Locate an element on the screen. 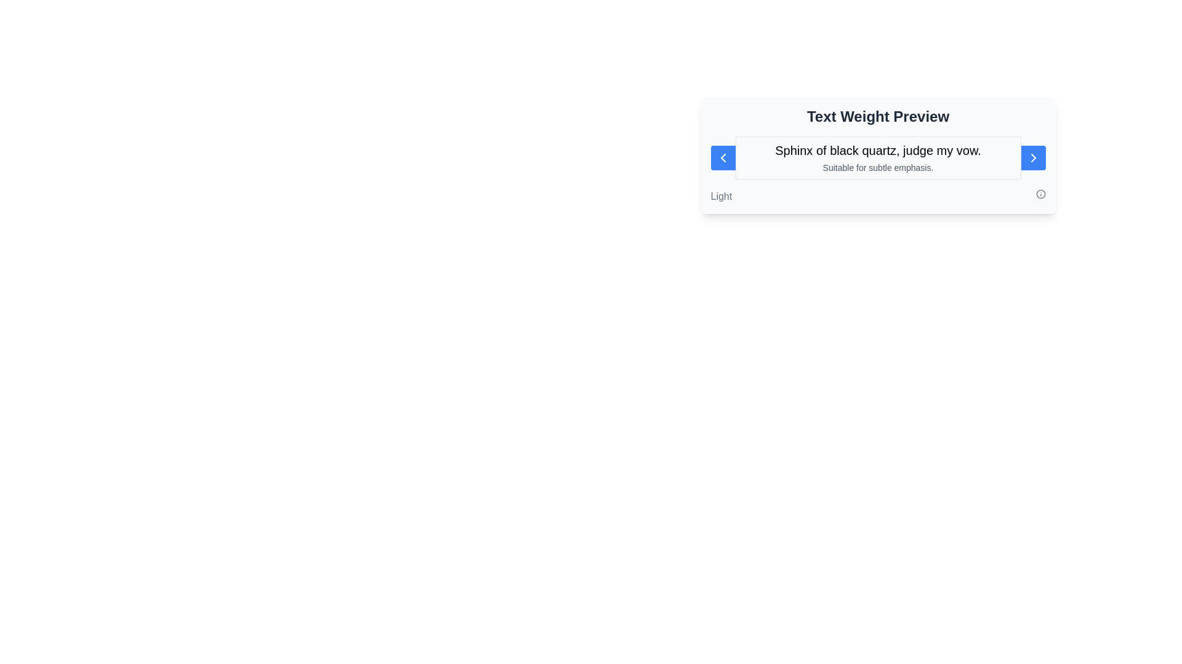  the leftward navigation icon surrounded by a blue circular background is located at coordinates (723, 157).